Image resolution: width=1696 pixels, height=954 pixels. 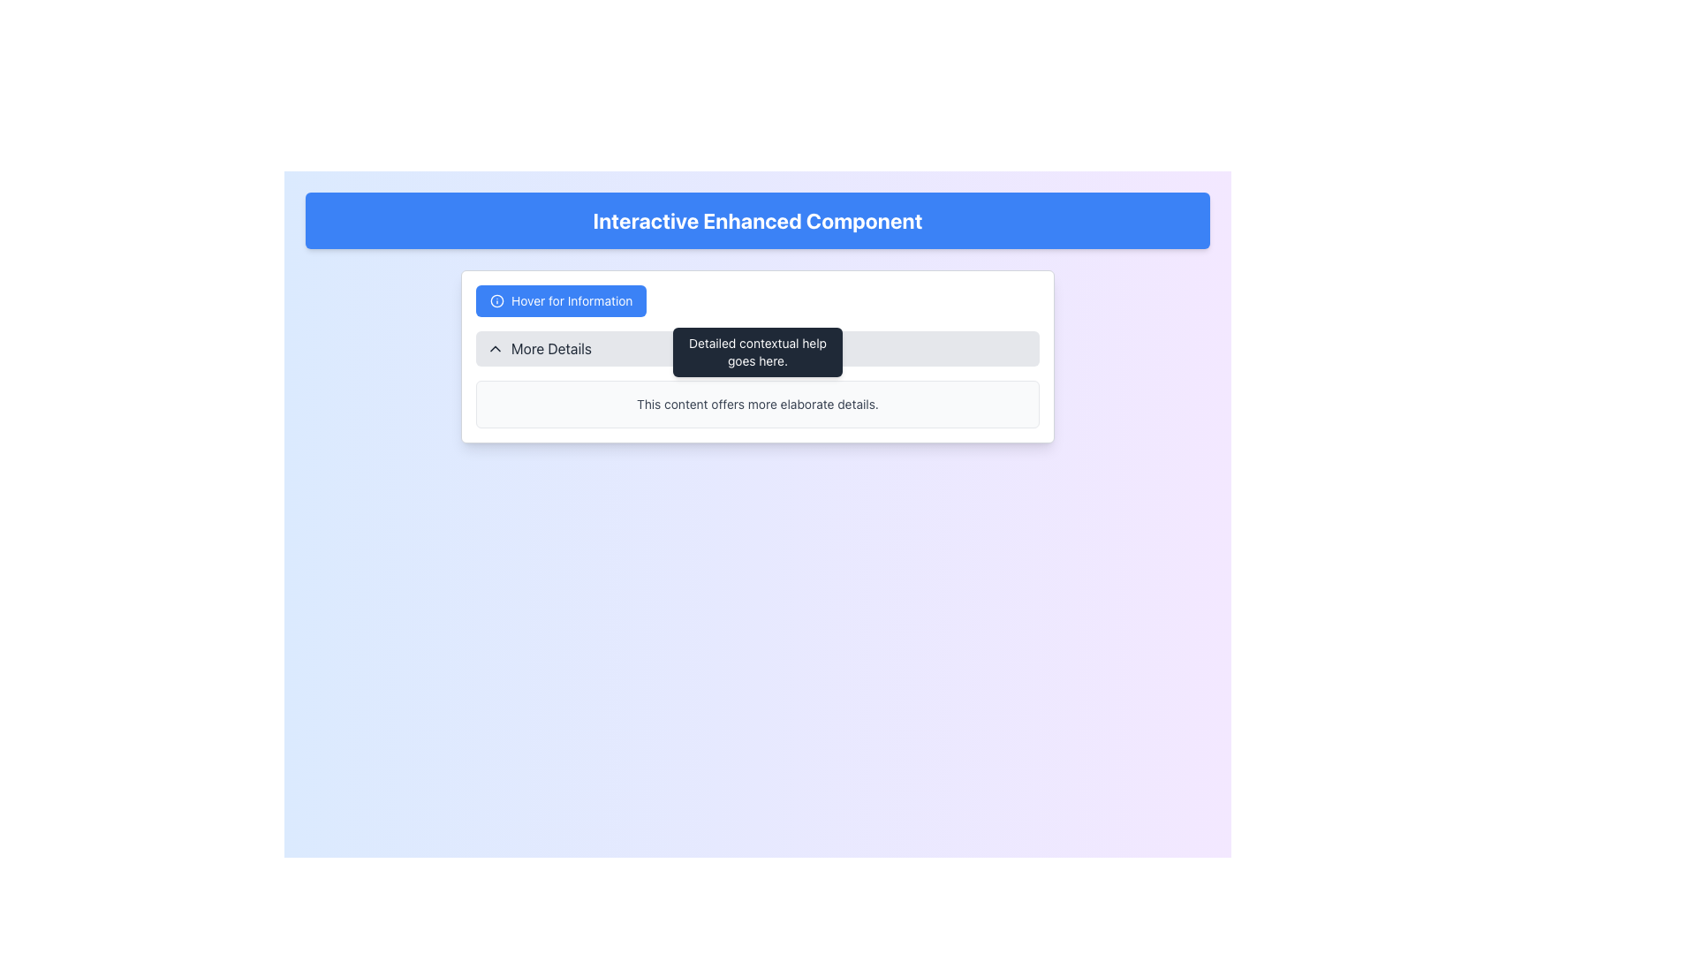 I want to click on the rectangular button with a blue background and rounded corners that has white text reading 'Hover for Information', so click(x=560, y=299).